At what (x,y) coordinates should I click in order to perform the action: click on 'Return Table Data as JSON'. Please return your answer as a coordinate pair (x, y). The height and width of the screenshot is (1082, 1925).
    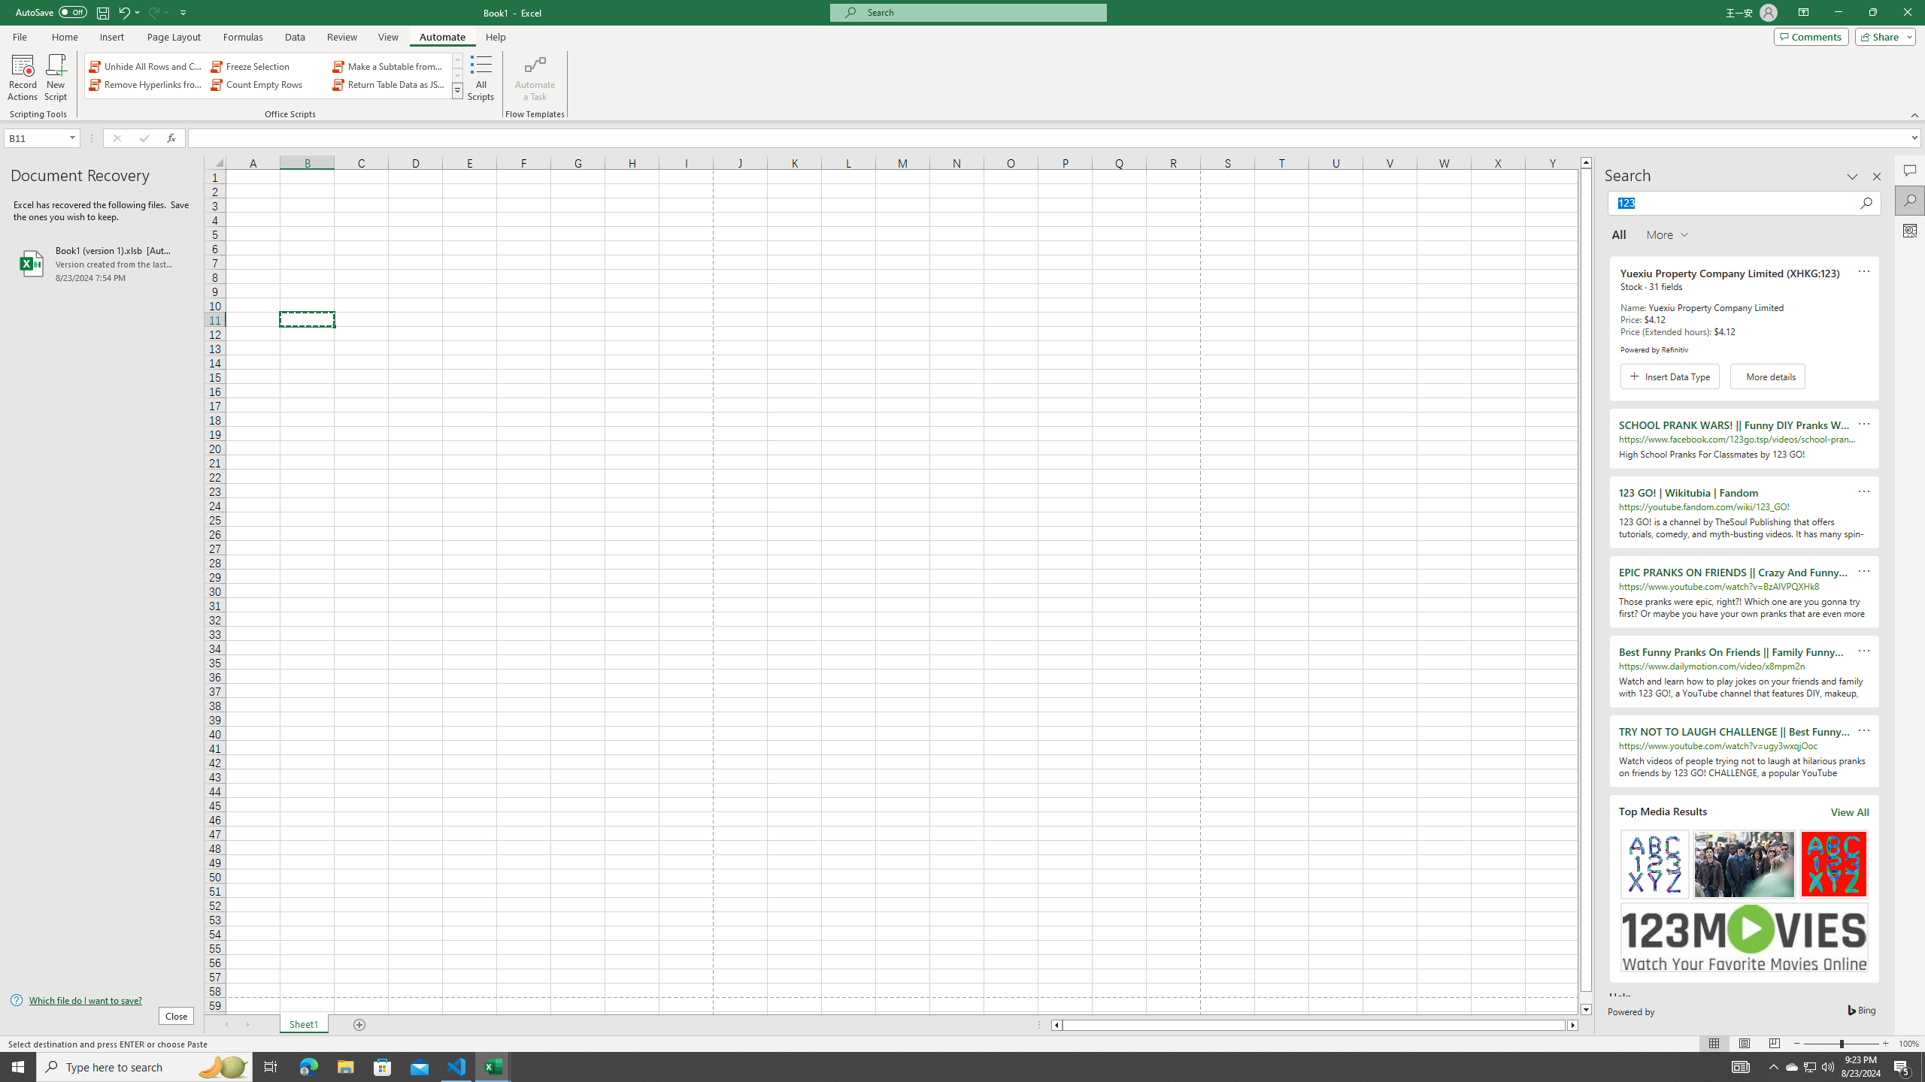
    Looking at the image, I should click on (389, 84).